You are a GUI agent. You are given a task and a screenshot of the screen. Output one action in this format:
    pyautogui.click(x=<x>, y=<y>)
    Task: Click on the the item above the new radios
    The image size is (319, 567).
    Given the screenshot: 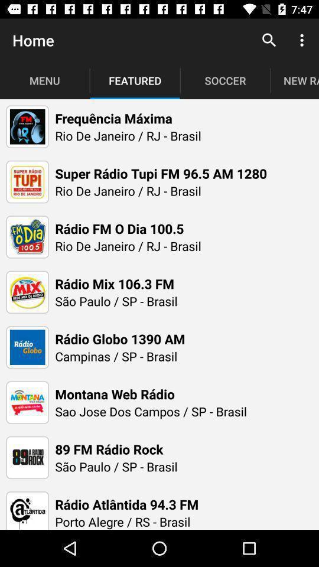 What is the action you would take?
    pyautogui.click(x=269, y=40)
    